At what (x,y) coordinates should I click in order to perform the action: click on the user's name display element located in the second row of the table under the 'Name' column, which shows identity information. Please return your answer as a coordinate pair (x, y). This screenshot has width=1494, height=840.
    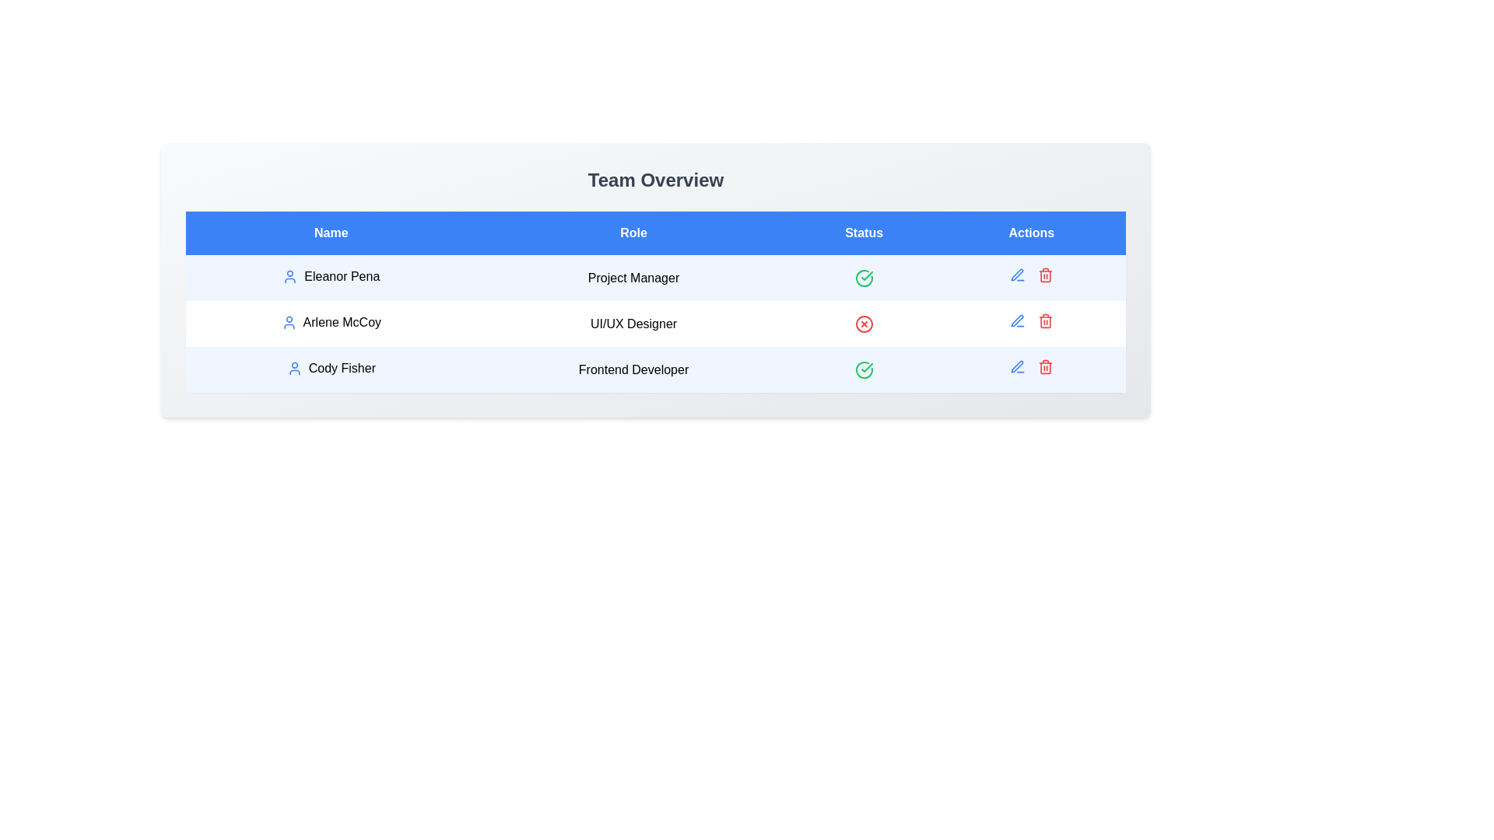
    Looking at the image, I should click on (330, 322).